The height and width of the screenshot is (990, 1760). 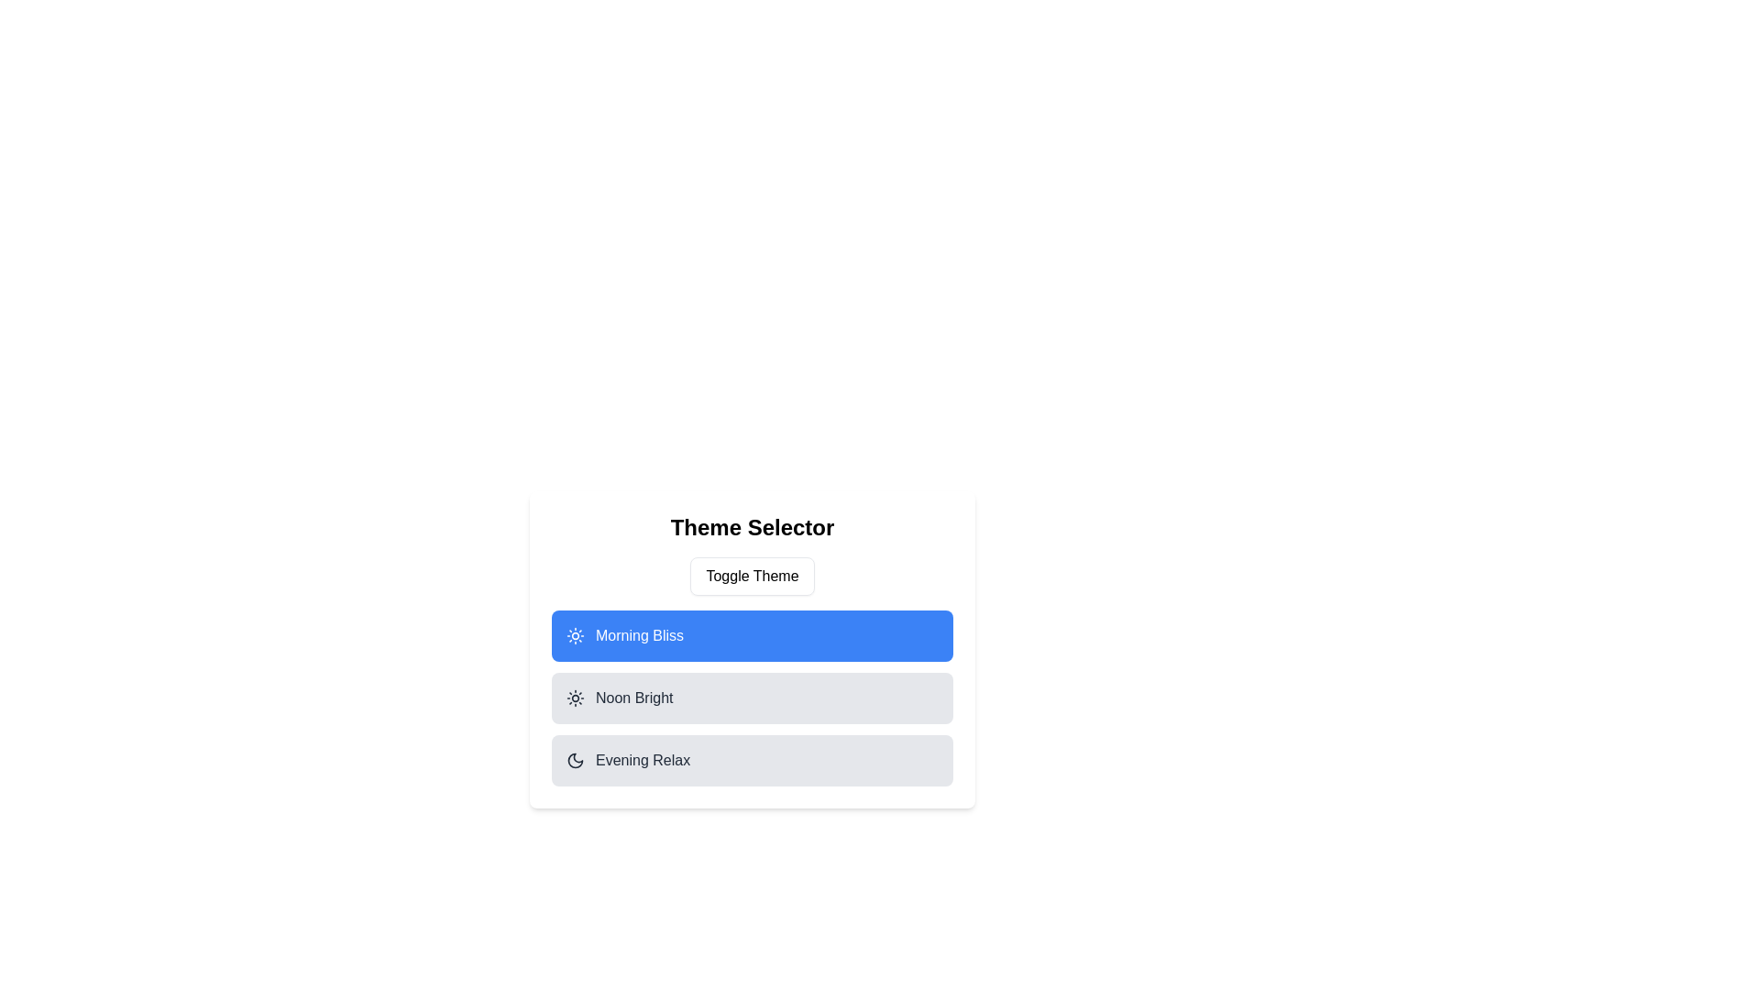 What do you see at coordinates (752, 635) in the screenshot?
I see `the item Morning Bliss from the list` at bounding box center [752, 635].